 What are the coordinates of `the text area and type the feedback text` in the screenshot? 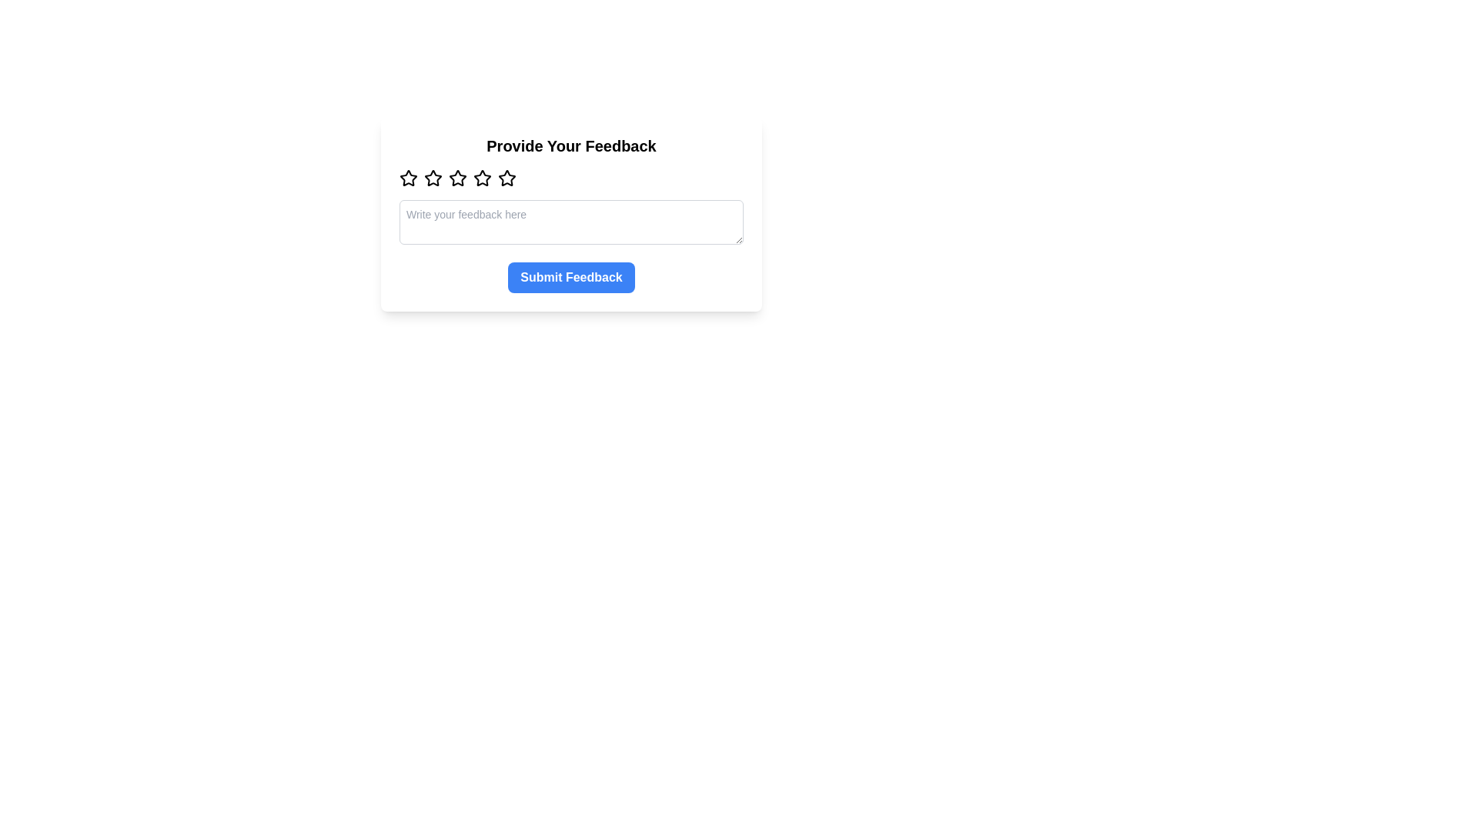 It's located at (570, 222).